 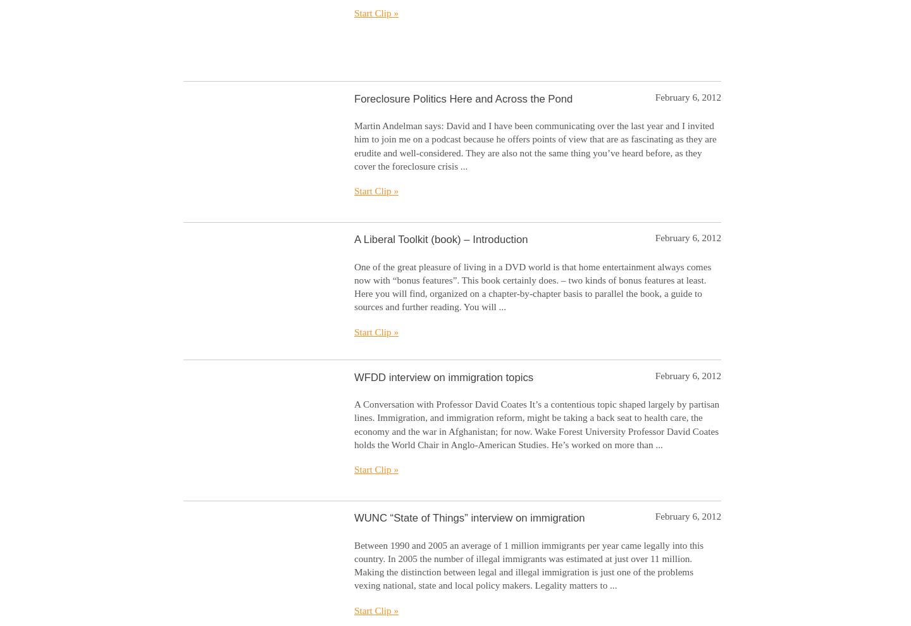 I want to click on 'Foreclosure Politics Here and Across the Pond', so click(x=462, y=97).